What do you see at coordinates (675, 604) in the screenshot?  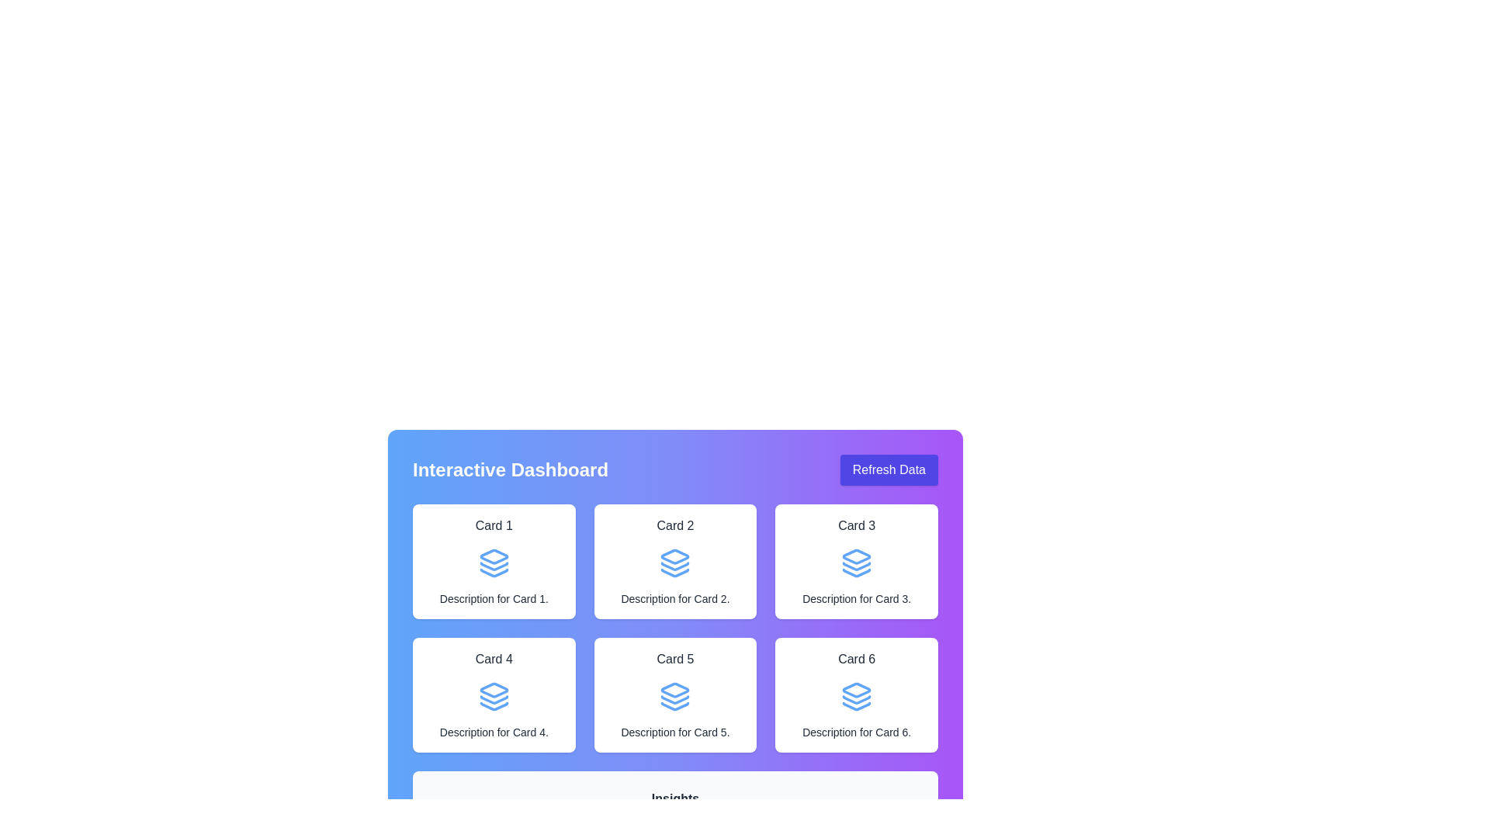 I see `on the card located in the second column of the first row under the 'Interactive Dashboard' header` at bounding box center [675, 604].